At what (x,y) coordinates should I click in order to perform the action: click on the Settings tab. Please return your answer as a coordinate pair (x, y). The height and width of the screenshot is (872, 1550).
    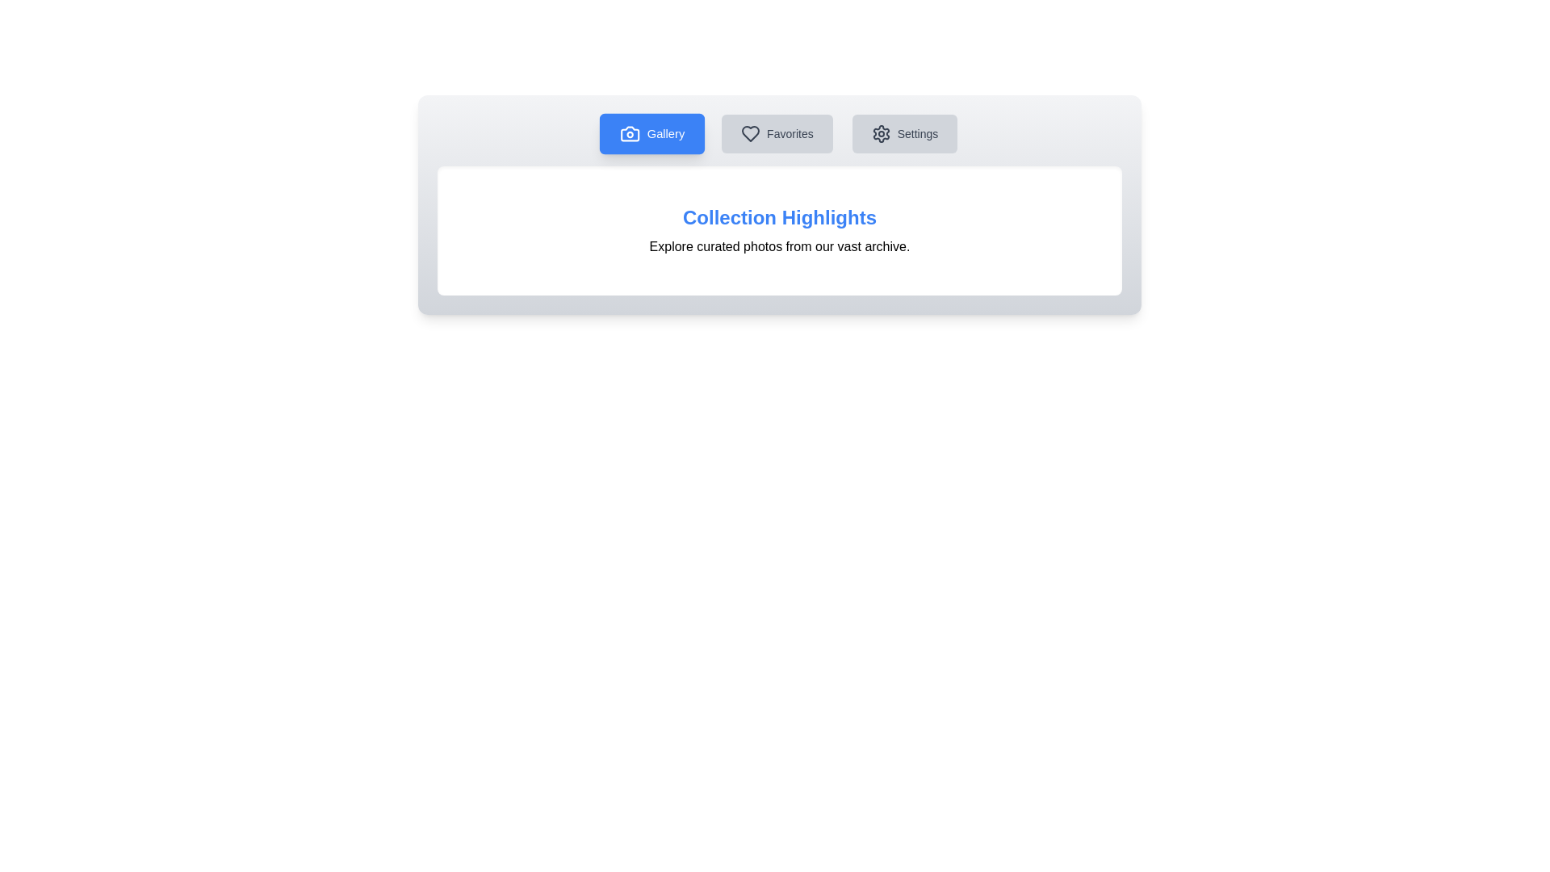
    Looking at the image, I should click on (903, 132).